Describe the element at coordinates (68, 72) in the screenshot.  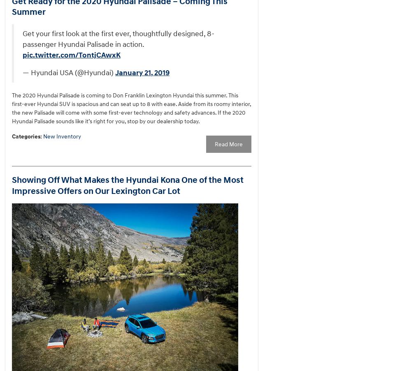
I see `'— Hyundai USA (@Hyundai)'` at that location.